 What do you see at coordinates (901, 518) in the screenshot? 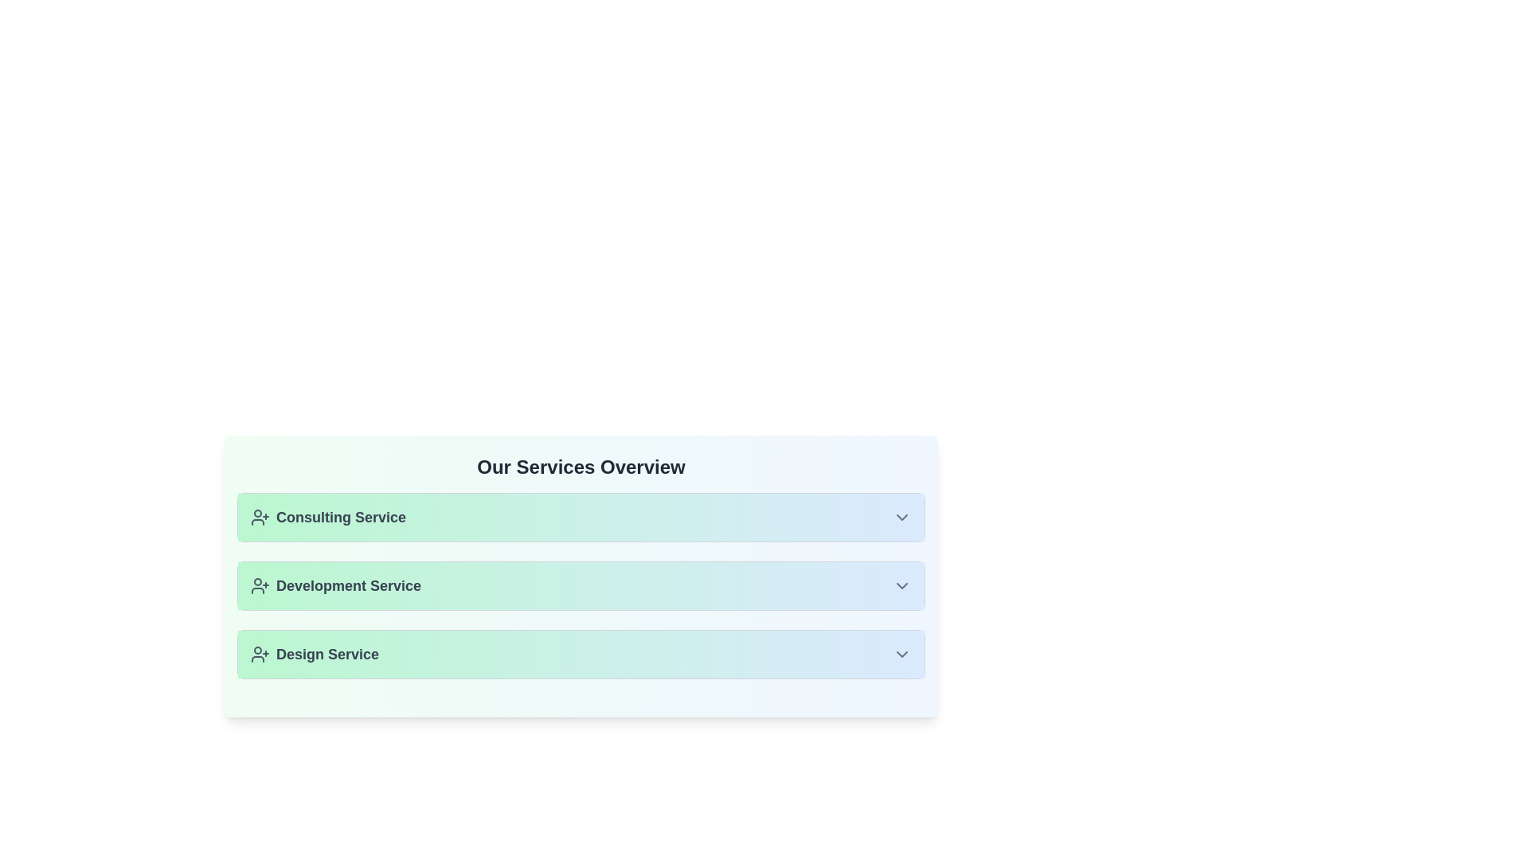
I see `the chevron icon located at the far-right side of the 'Consulting Service' section` at bounding box center [901, 518].